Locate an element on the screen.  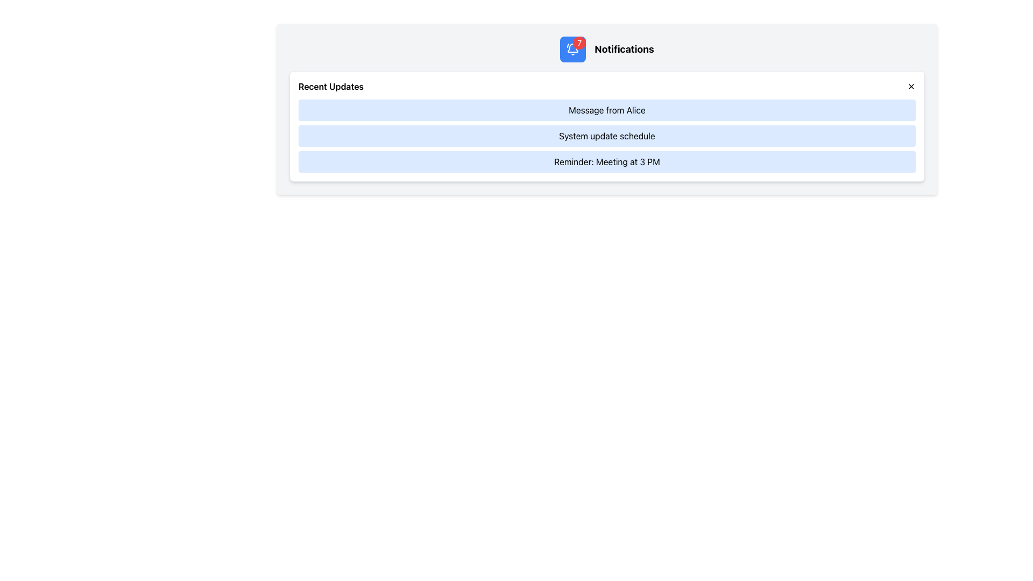
the red notification badge located at the top-right corner of the blue circular button with a bell symbol is located at coordinates (579, 42).